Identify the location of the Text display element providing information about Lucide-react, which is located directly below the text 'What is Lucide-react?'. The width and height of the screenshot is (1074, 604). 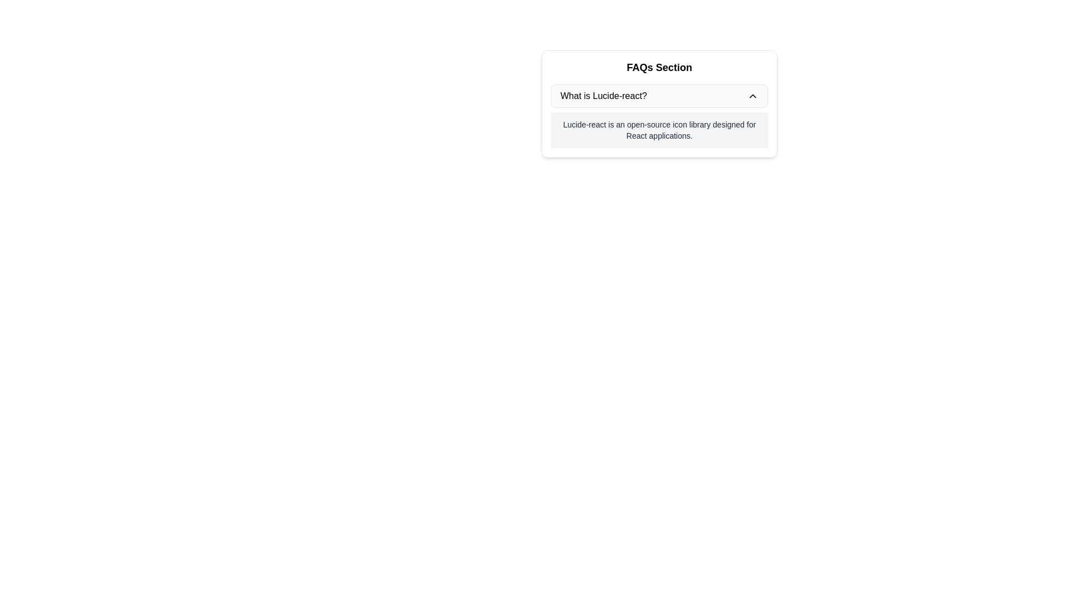
(660, 129).